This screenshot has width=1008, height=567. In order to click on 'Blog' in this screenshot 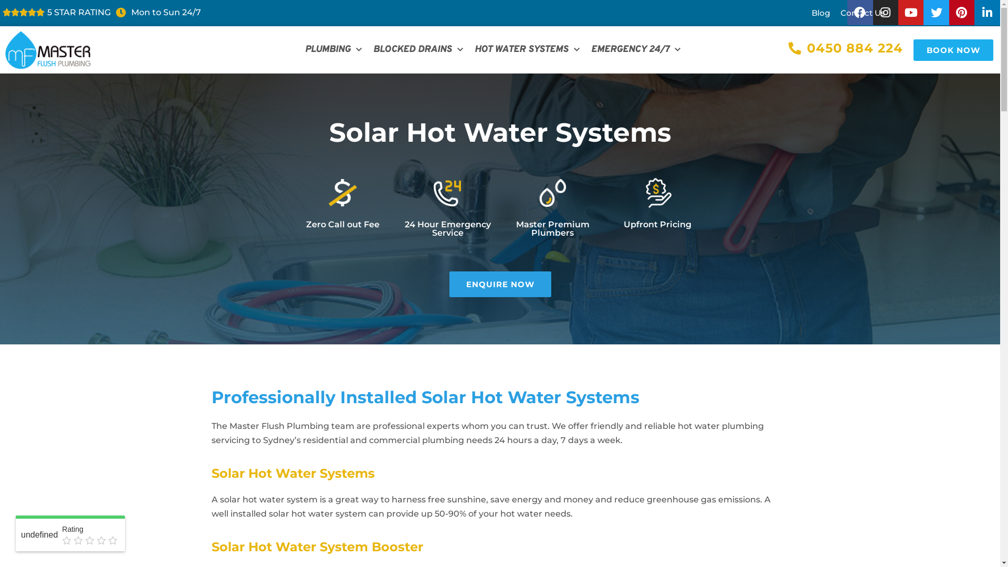, I will do `click(820, 13)`.